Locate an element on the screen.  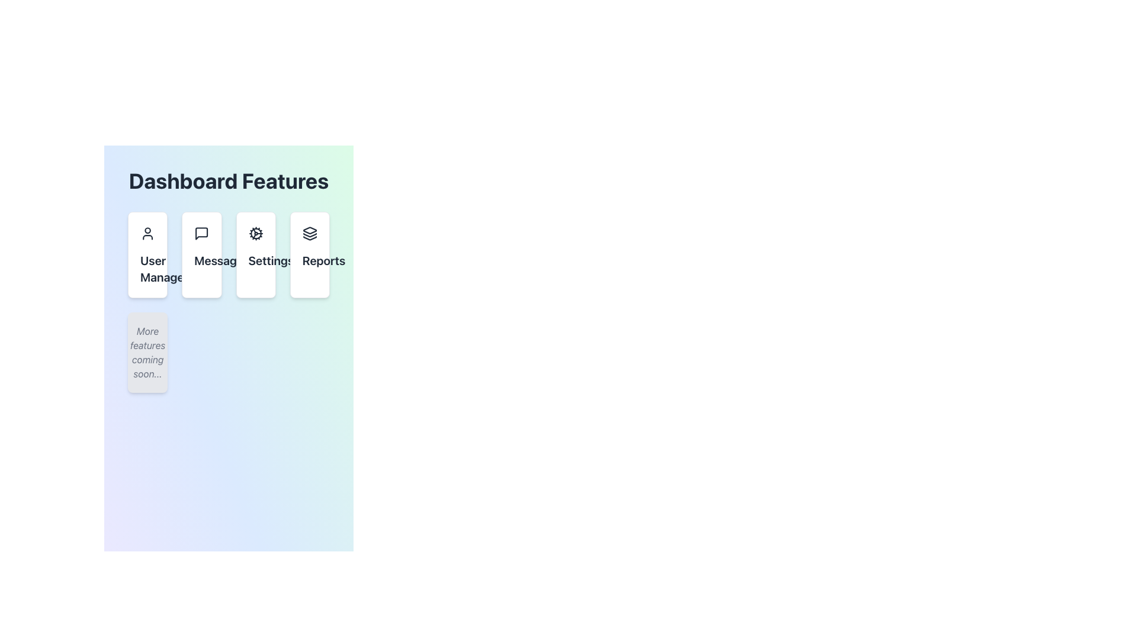
the 'Settings' title text label is located at coordinates (255, 260).